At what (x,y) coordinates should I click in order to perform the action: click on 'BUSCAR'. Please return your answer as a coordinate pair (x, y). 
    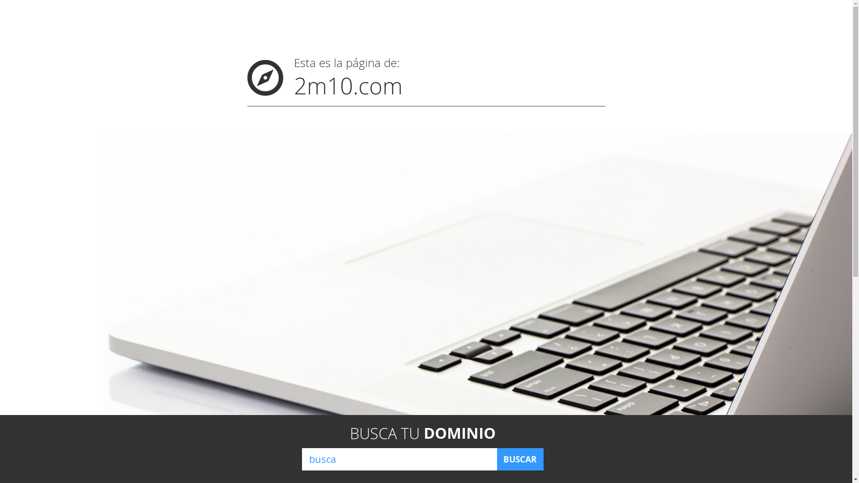
    Looking at the image, I should click on (519, 459).